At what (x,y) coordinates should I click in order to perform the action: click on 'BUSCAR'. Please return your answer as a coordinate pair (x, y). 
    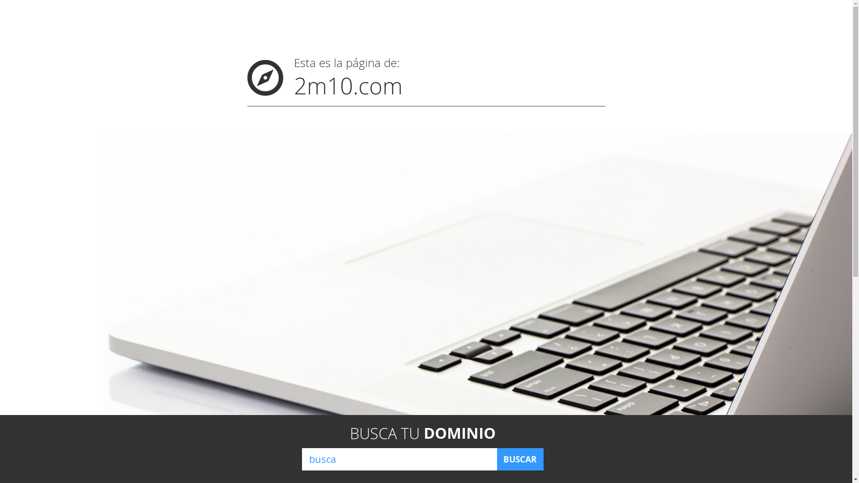
    Looking at the image, I should click on (519, 459).